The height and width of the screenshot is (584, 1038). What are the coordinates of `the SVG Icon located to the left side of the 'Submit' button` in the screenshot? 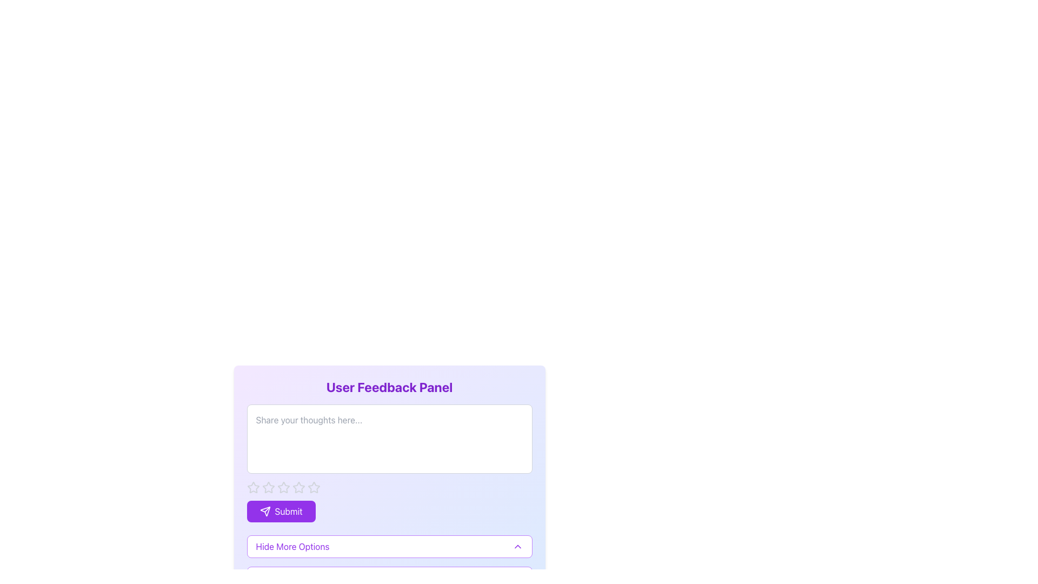 It's located at (265, 511).